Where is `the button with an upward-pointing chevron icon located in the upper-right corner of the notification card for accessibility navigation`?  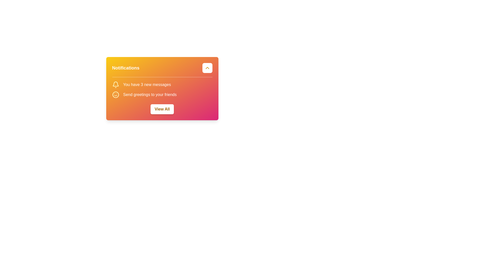 the button with an upward-pointing chevron icon located in the upper-right corner of the notification card for accessibility navigation is located at coordinates (207, 68).